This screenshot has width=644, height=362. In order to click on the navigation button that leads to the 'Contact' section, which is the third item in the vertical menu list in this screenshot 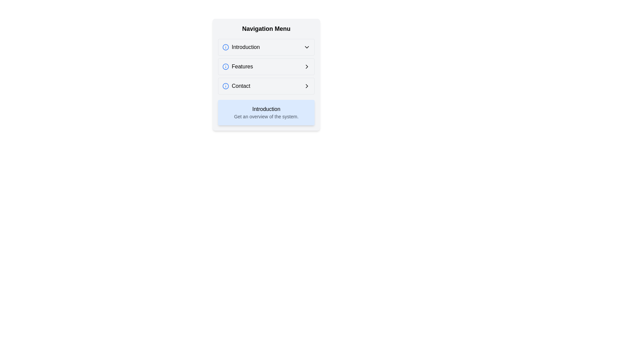, I will do `click(266, 86)`.